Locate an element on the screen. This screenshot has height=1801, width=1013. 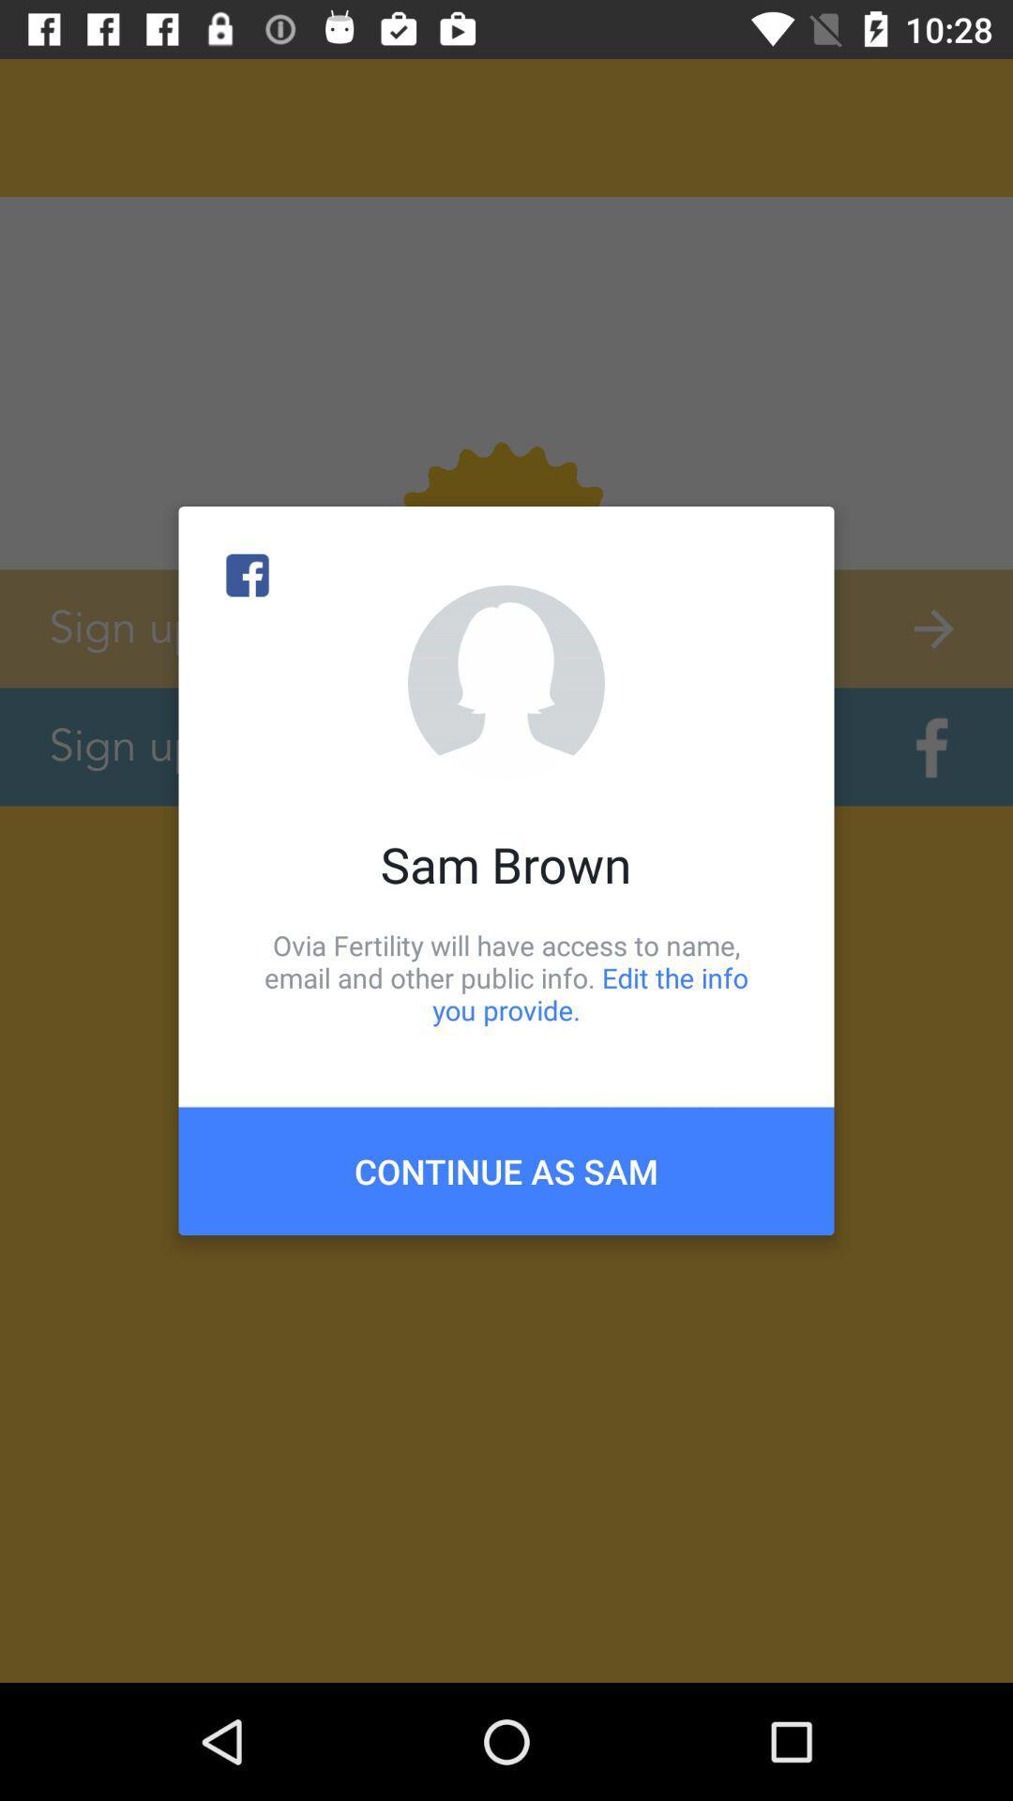
continue as sam icon is located at coordinates (506, 1170).